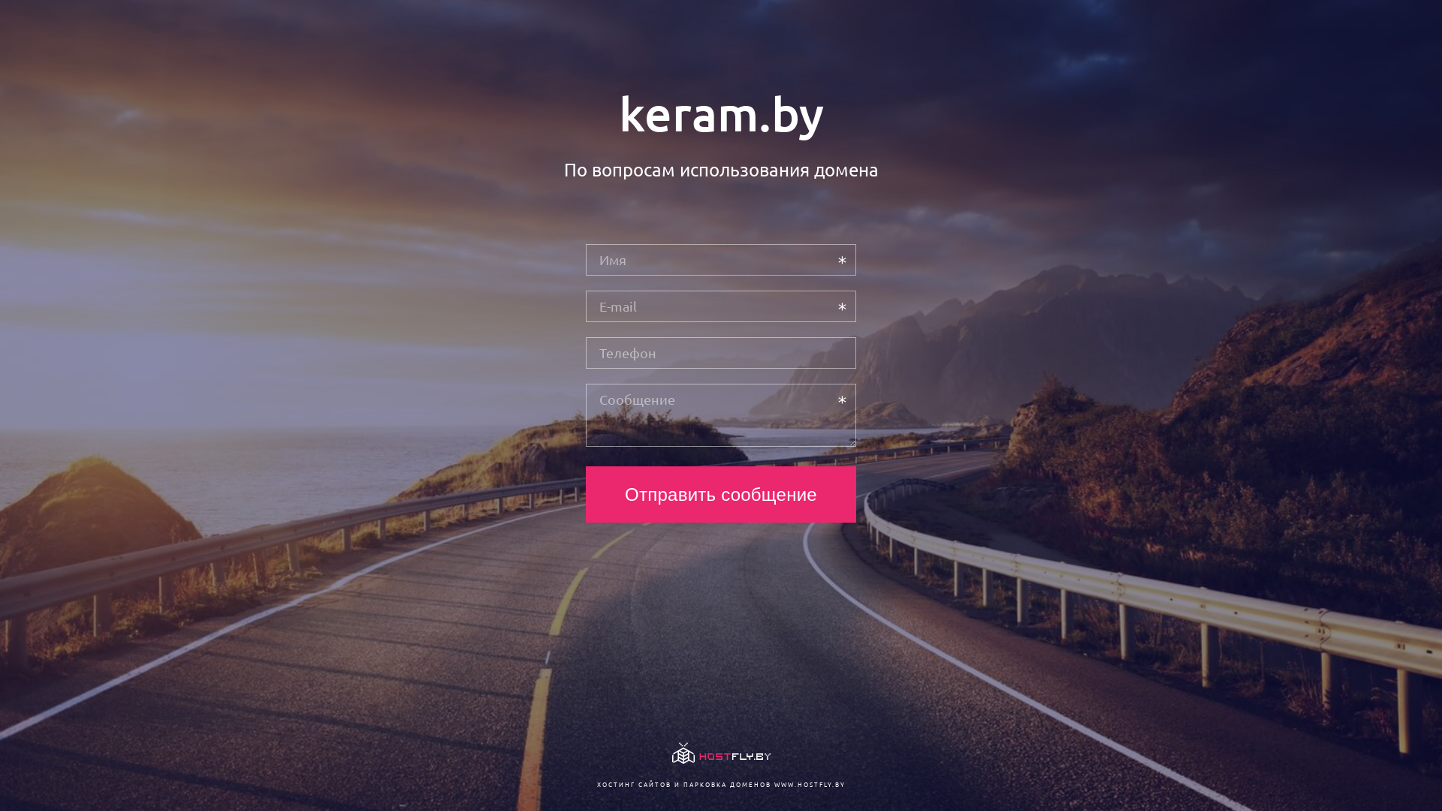 This screenshot has width=1442, height=811. Describe the element at coordinates (808, 783) in the screenshot. I see `'WWW.HOSTFLY.BY'` at that location.